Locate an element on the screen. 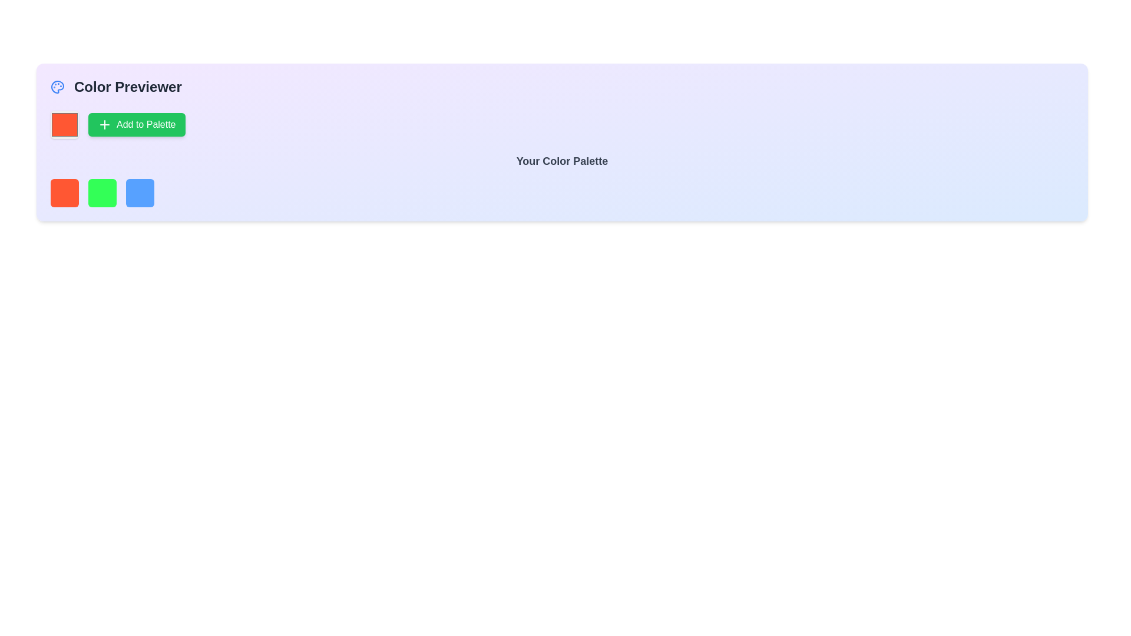 The height and width of the screenshot is (636, 1131). the third color display box located below the 'Add to Palette' button to interact with it is located at coordinates (140, 192).